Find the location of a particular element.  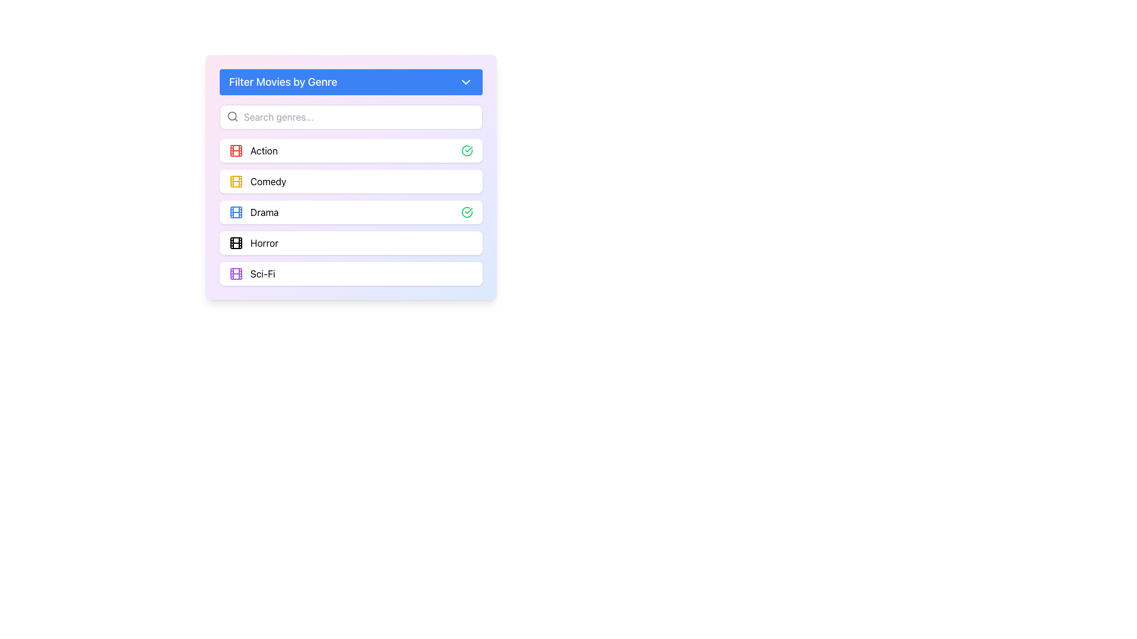

the small downward arrow icon located to the right of the 'Filter Movies by Genre' text is located at coordinates (465, 81).